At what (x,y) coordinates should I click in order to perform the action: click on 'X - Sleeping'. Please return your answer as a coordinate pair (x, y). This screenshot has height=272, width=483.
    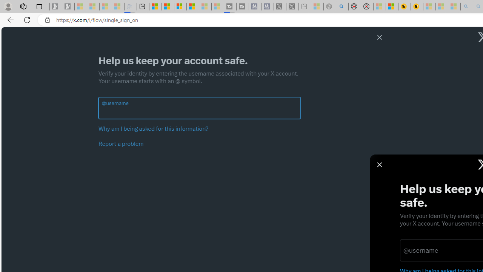
    Looking at the image, I should click on (292, 6).